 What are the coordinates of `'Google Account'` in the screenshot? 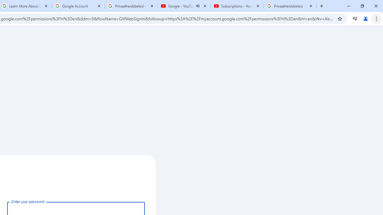 It's located at (78, 6).